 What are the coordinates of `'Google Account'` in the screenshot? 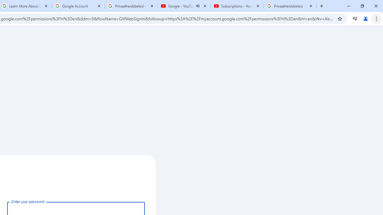 It's located at (78, 6).